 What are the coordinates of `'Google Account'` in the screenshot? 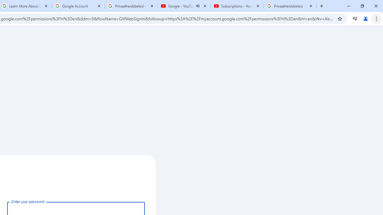 It's located at (78, 6).